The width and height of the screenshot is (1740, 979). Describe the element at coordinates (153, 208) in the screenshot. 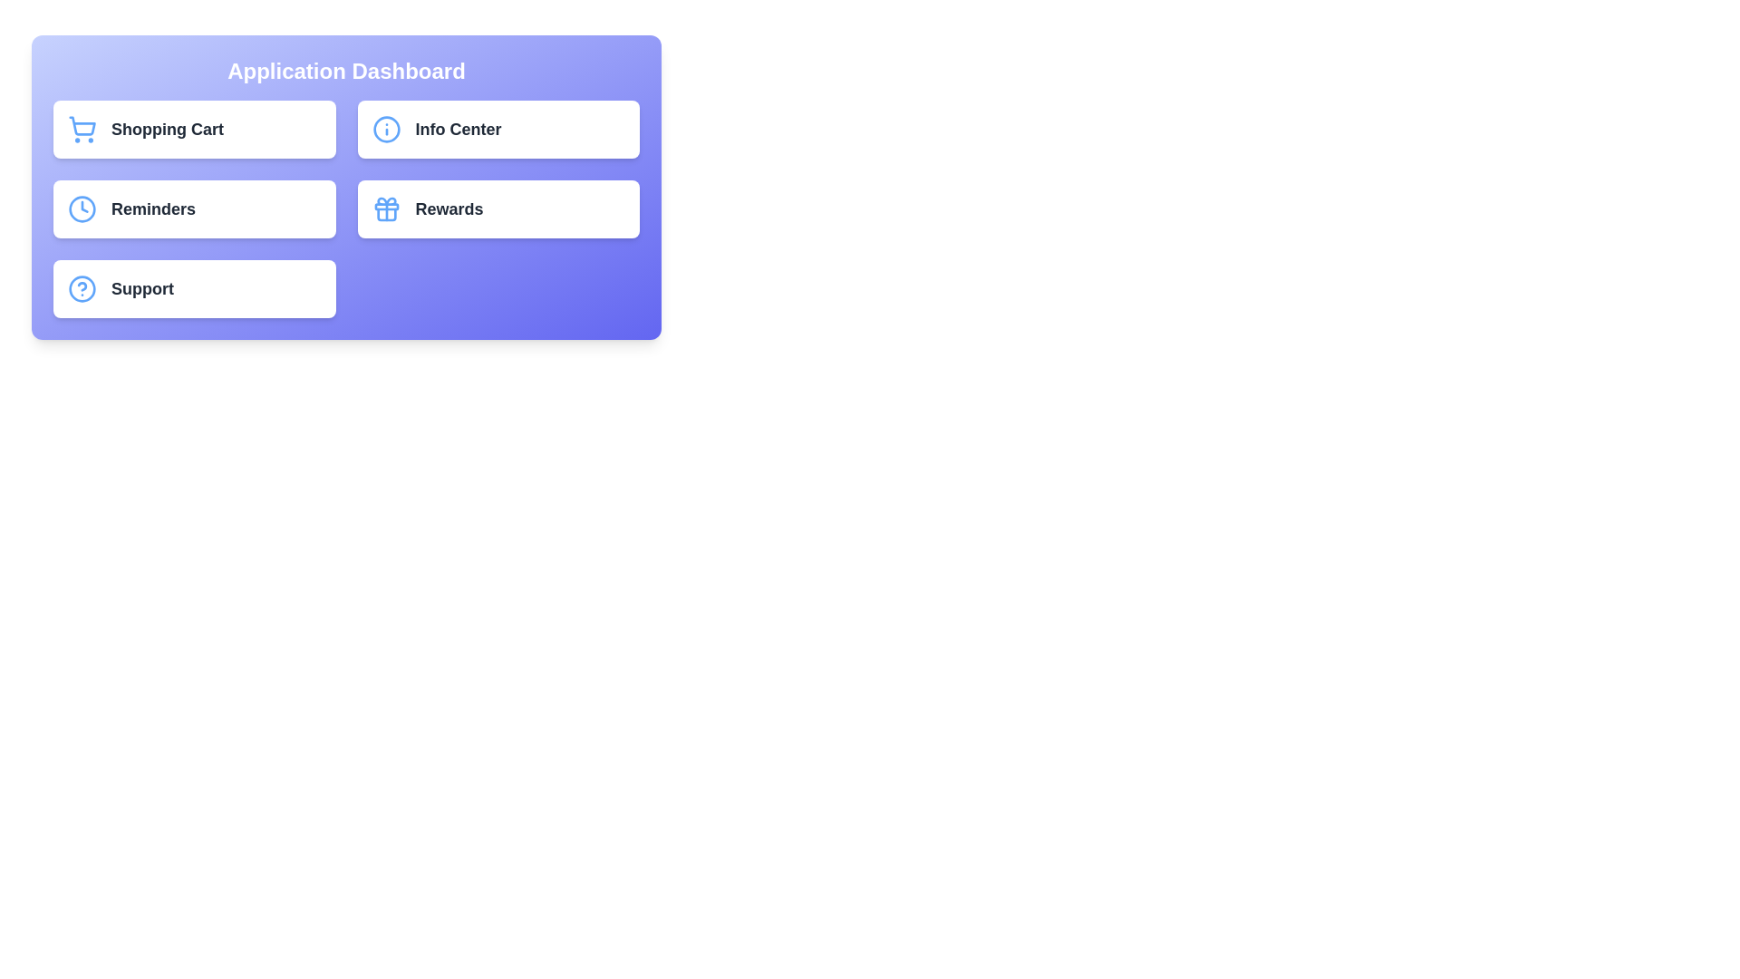

I see `the bold text label containing the word 'Reminders'` at that location.